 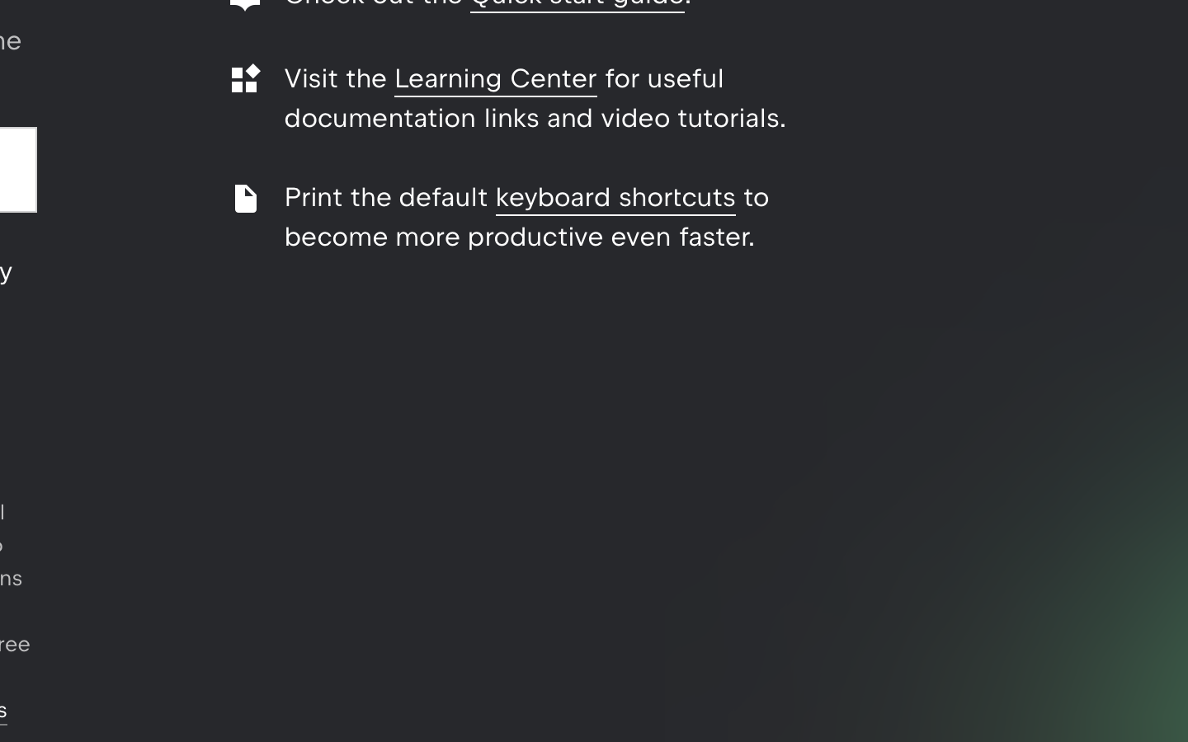 What do you see at coordinates (495, 77) in the screenshot?
I see `'Learning Center'` at bounding box center [495, 77].